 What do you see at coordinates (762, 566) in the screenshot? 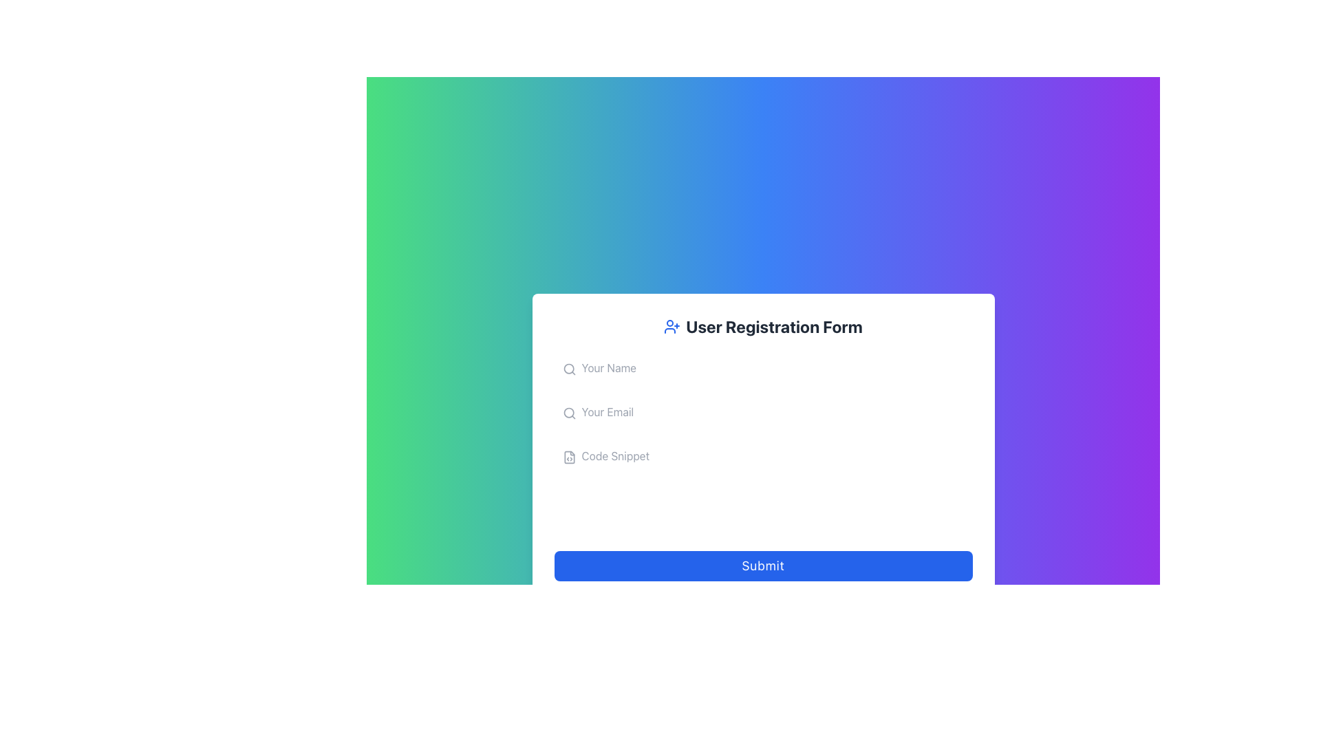
I see `the 'Submit' button with a blue background and white text` at bounding box center [762, 566].